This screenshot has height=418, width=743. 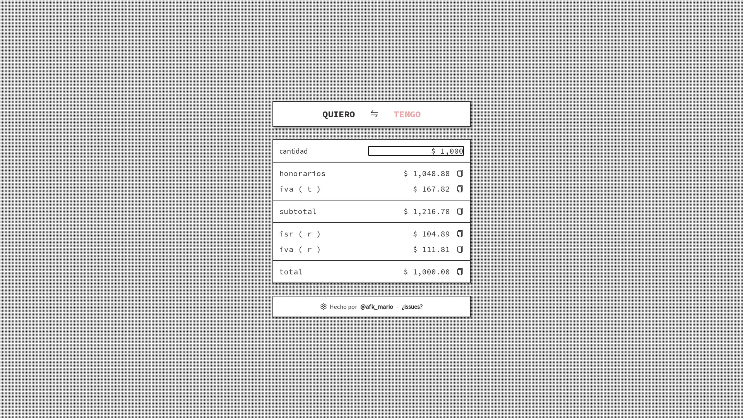 I want to click on isr ( r ) $ 104.89, so click(x=371, y=233).